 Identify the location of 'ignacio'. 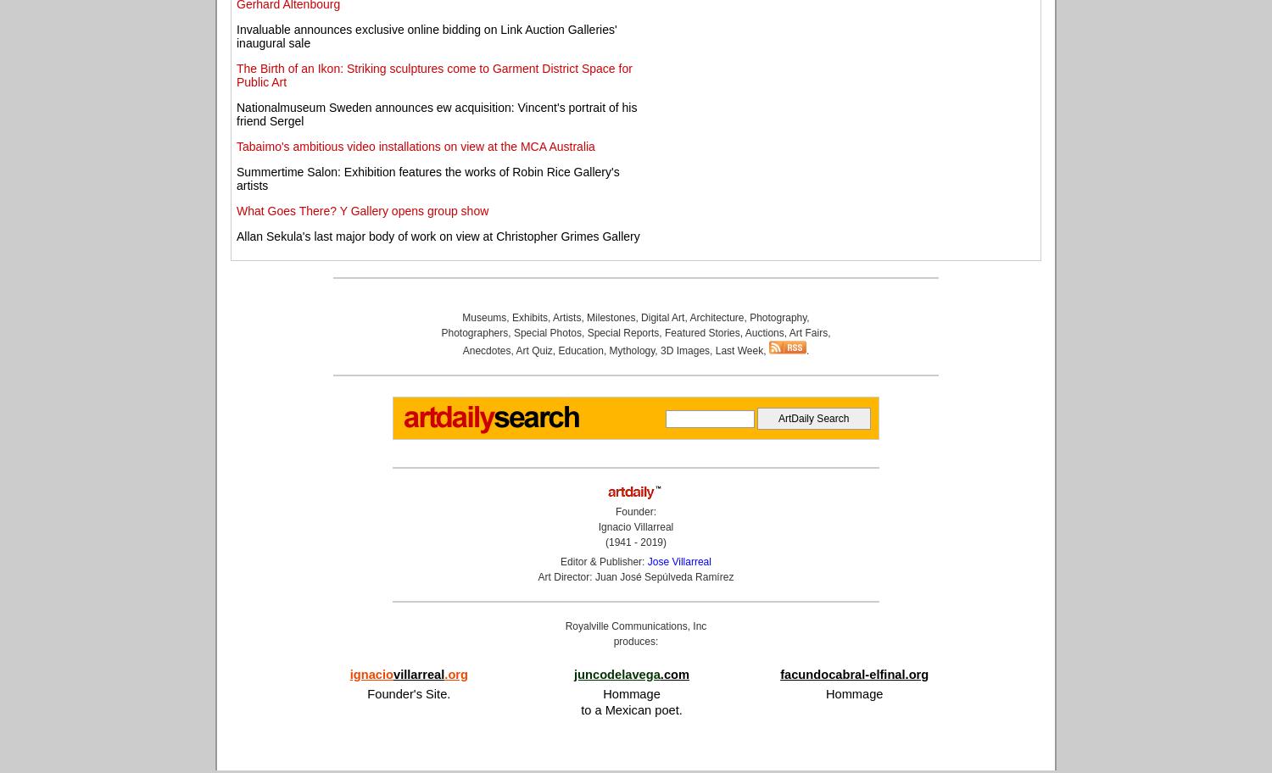
(371, 673).